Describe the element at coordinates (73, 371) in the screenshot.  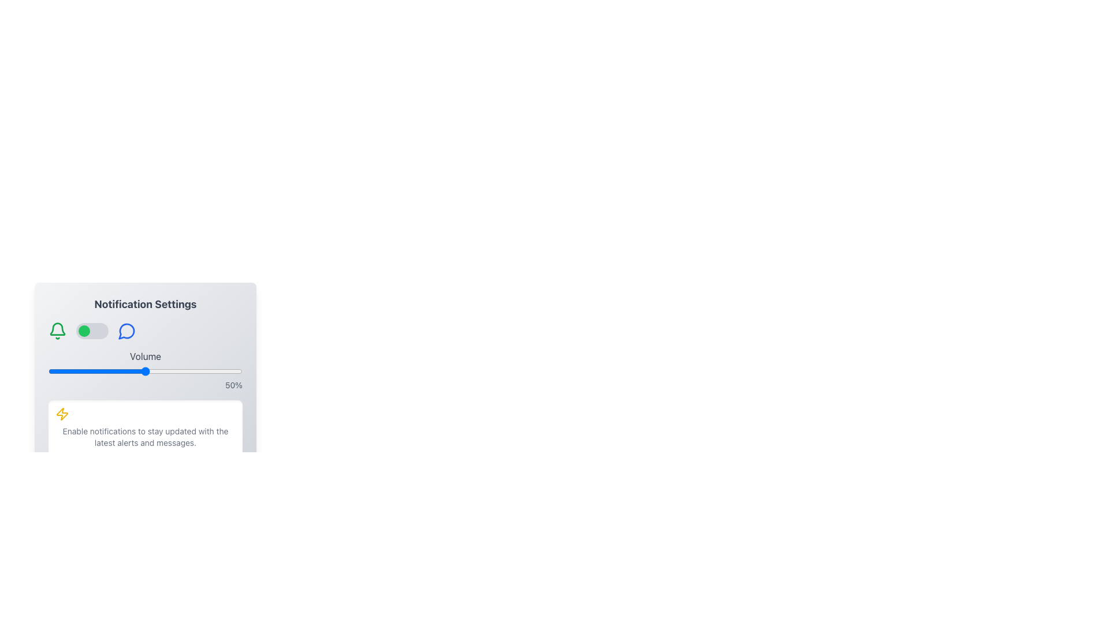
I see `the volume` at that location.